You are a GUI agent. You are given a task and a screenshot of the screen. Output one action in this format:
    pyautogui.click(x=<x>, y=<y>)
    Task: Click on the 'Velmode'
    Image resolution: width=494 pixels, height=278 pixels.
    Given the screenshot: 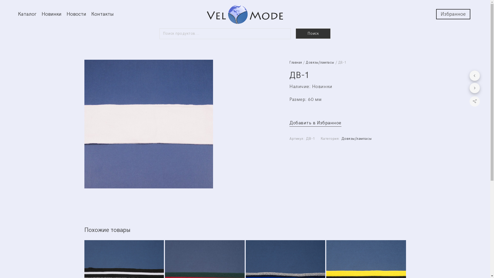 What is the action you would take?
    pyautogui.click(x=244, y=14)
    